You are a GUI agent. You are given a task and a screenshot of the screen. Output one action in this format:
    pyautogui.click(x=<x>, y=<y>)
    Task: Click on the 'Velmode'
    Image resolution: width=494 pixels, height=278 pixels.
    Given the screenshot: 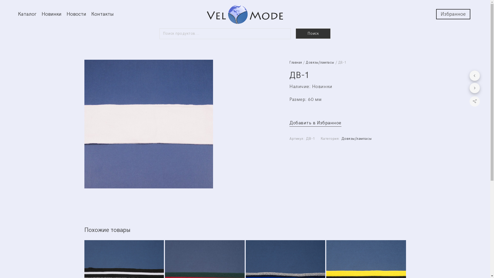 What is the action you would take?
    pyautogui.click(x=244, y=14)
    